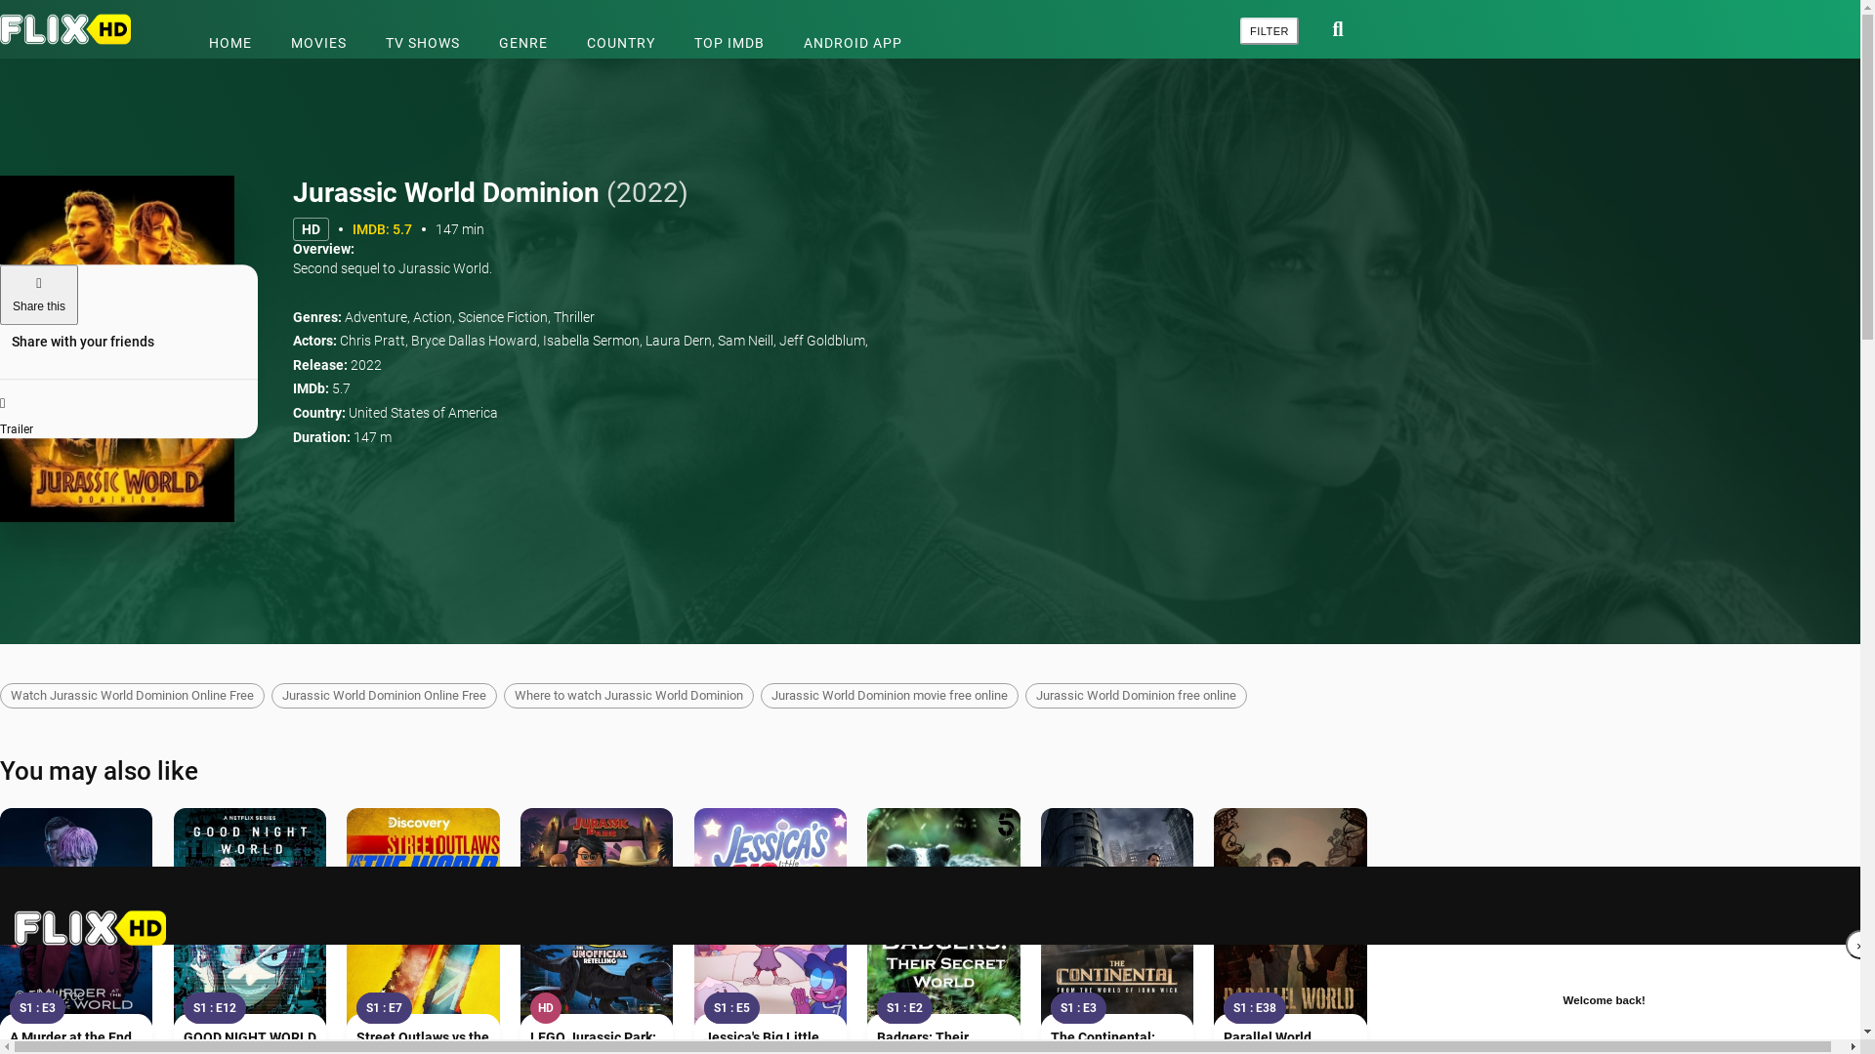  Describe the element at coordinates (853, 42) in the screenshot. I see `'ANDROID APP'` at that location.